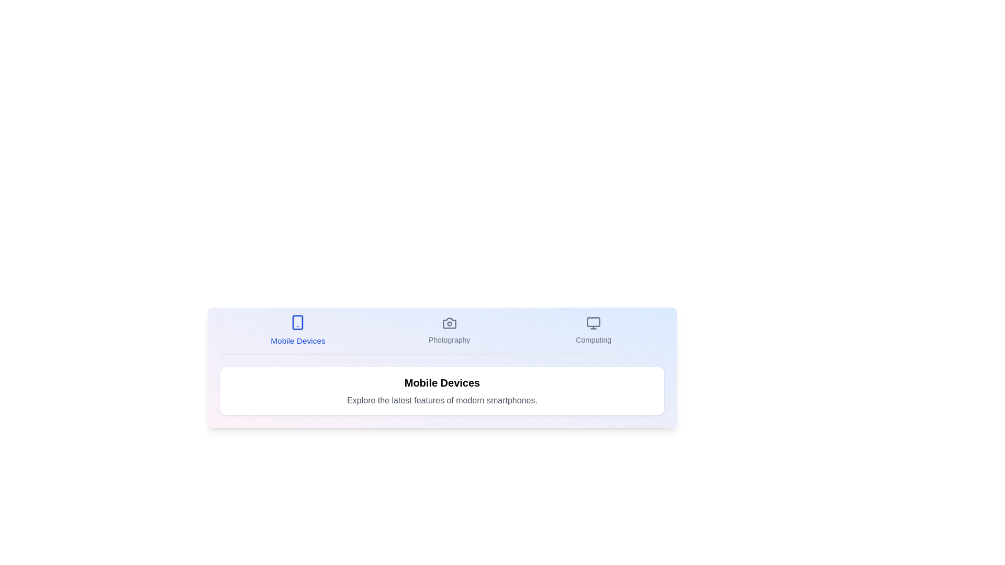  Describe the element at coordinates (297, 331) in the screenshot. I see `the tab labeled 'Mobile Devices' to inspect its associated icon` at that location.